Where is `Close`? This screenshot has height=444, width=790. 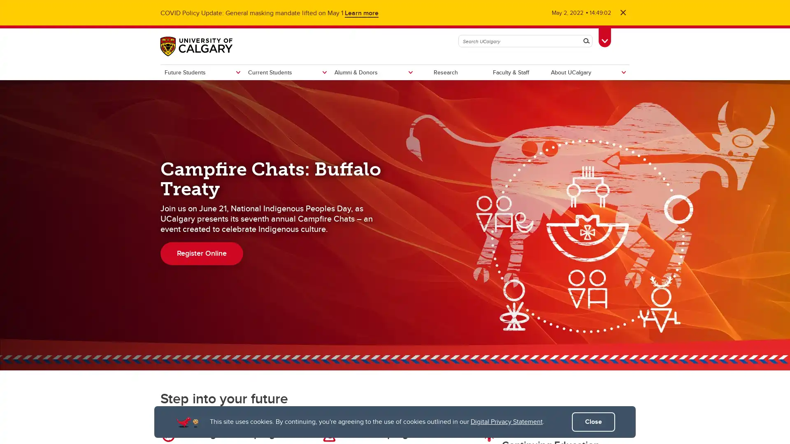
Close is located at coordinates (593, 422).